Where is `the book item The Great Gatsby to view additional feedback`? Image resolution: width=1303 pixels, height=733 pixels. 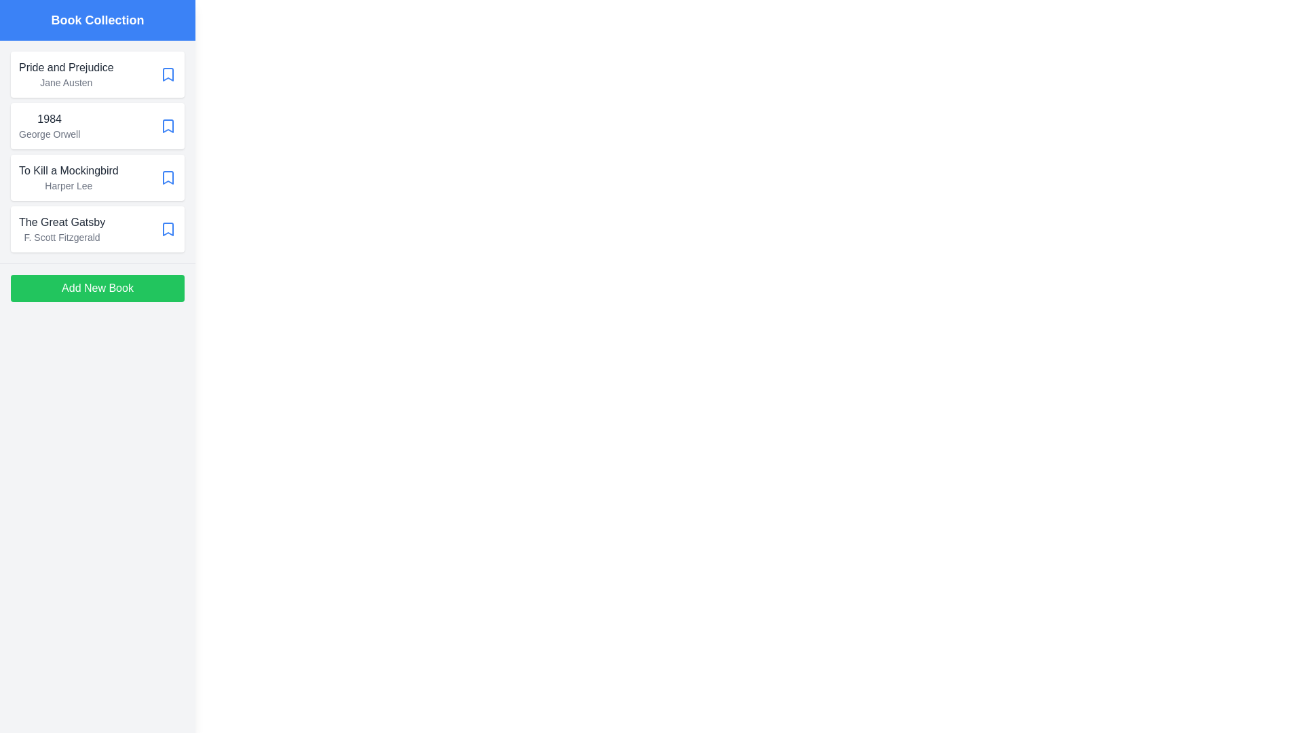
the book item The Great Gatsby to view additional feedback is located at coordinates (97, 229).